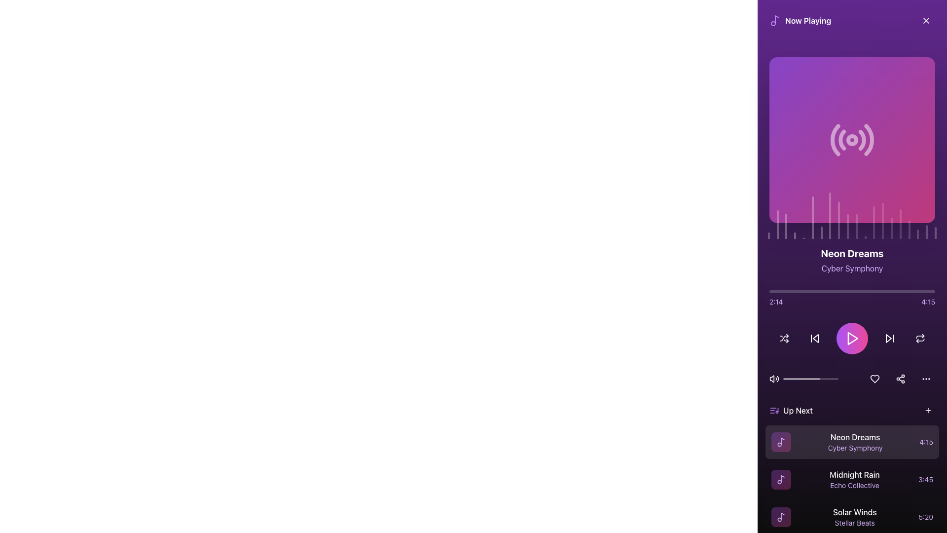 Image resolution: width=947 pixels, height=533 pixels. What do you see at coordinates (847, 227) in the screenshot?
I see `the 10th vertical bar in the horizontal series of visual indicators representing data in the bottom section of the interface` at bounding box center [847, 227].